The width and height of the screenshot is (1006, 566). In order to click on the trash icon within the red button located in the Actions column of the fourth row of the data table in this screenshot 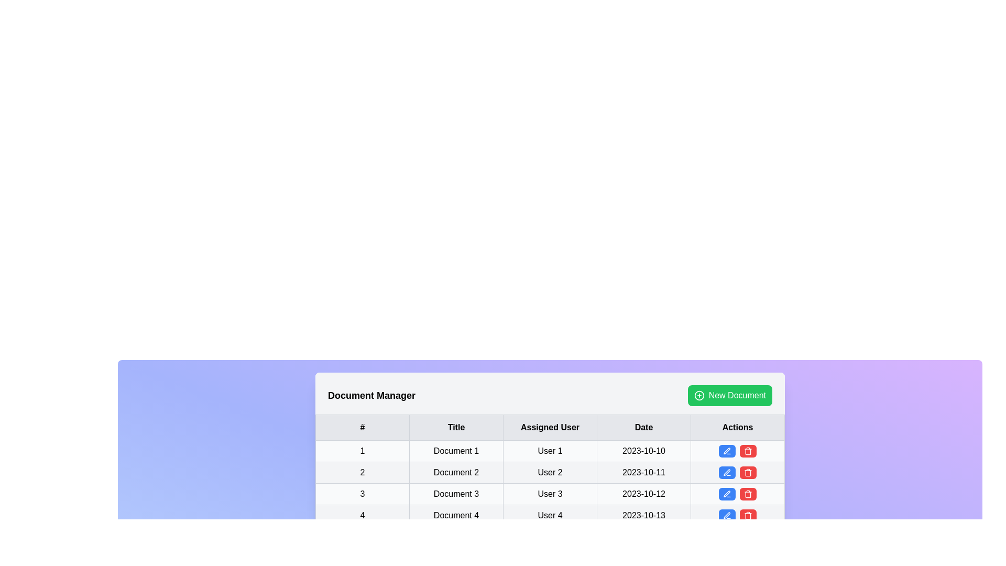, I will do `click(748, 450)`.